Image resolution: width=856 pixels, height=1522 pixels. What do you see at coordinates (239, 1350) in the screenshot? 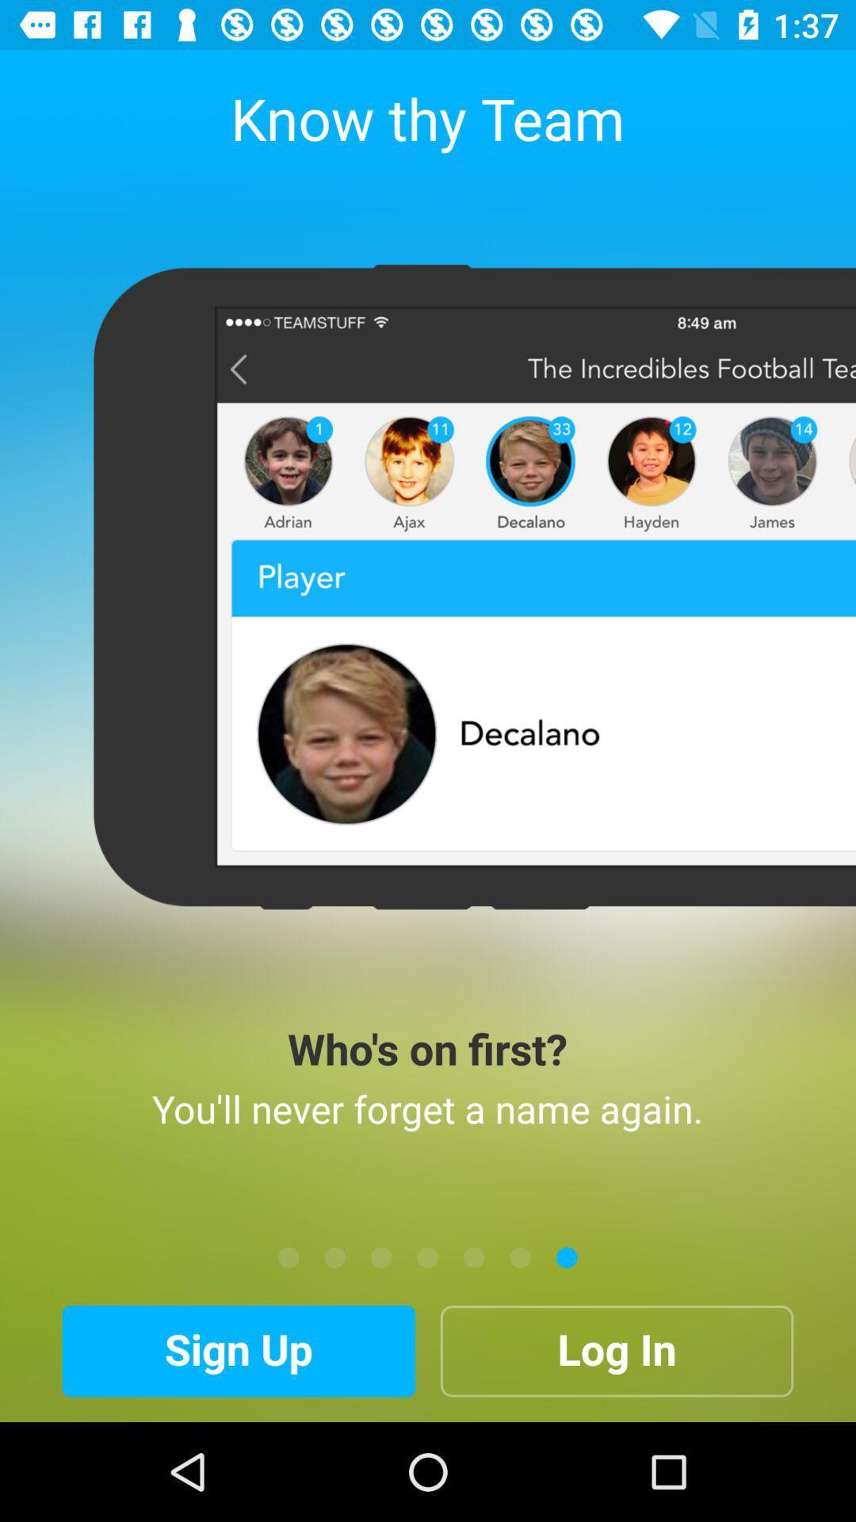
I see `icon at the bottom left corner` at bounding box center [239, 1350].